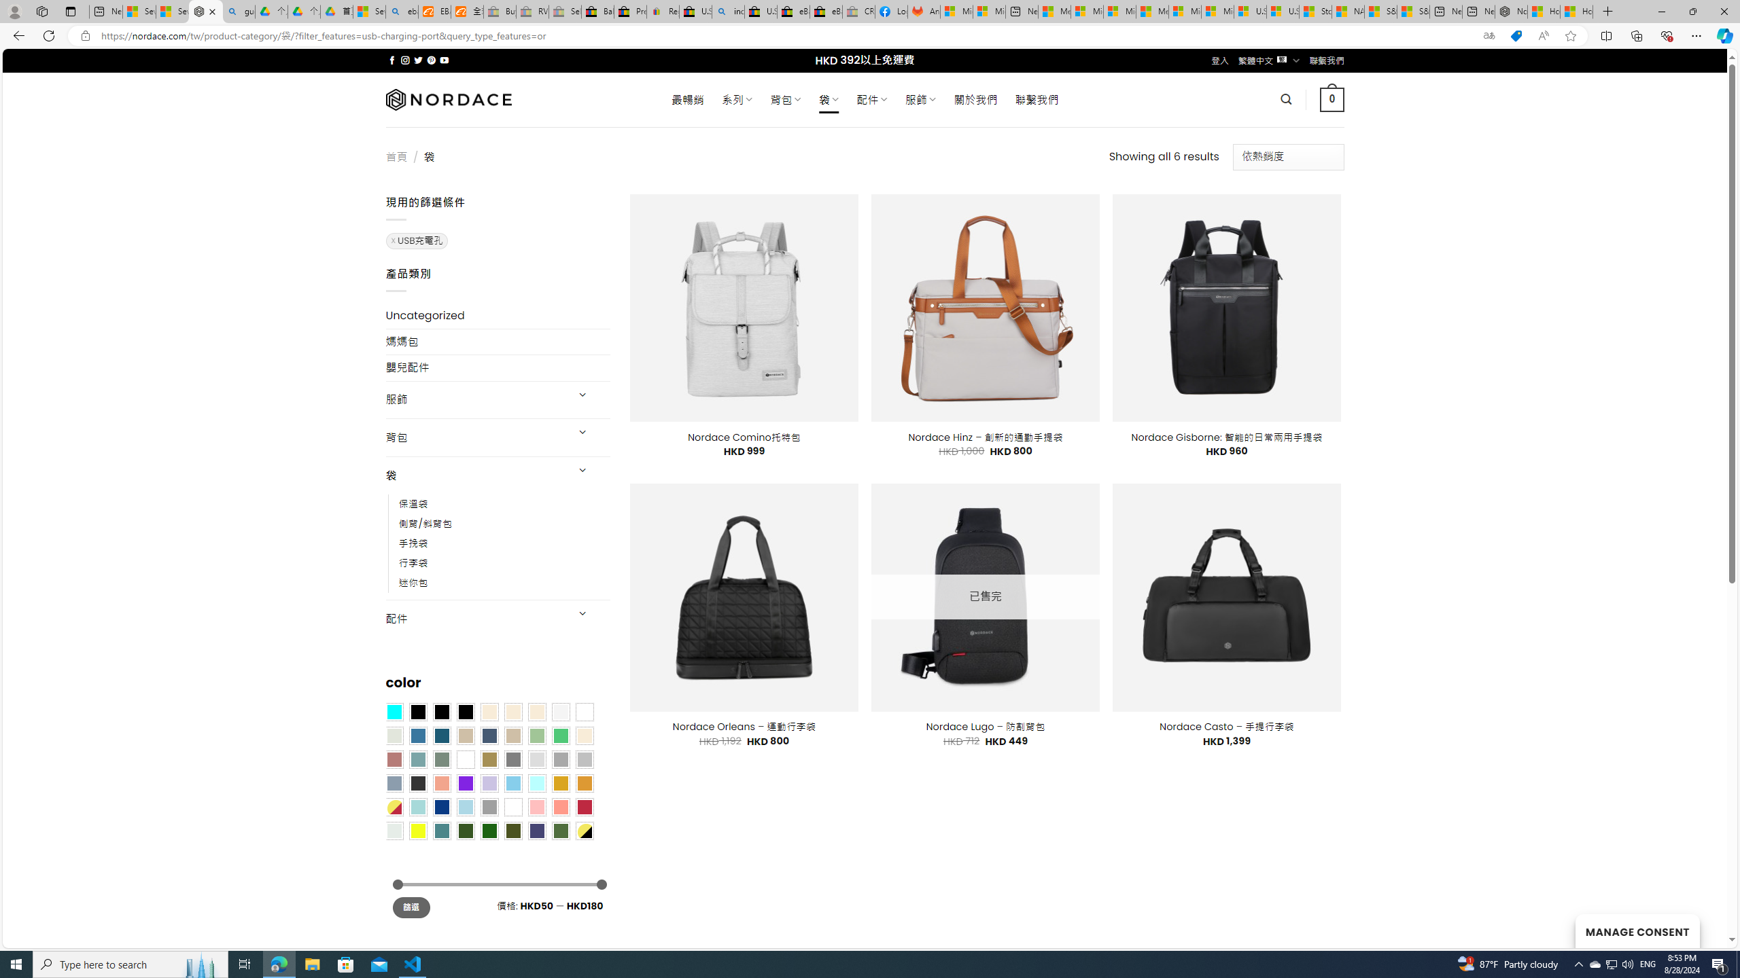 This screenshot has height=978, width=1740. Describe the element at coordinates (761, 11) in the screenshot. I see `'U.S. State Privacy Disclosures - eBay Inc.'` at that location.